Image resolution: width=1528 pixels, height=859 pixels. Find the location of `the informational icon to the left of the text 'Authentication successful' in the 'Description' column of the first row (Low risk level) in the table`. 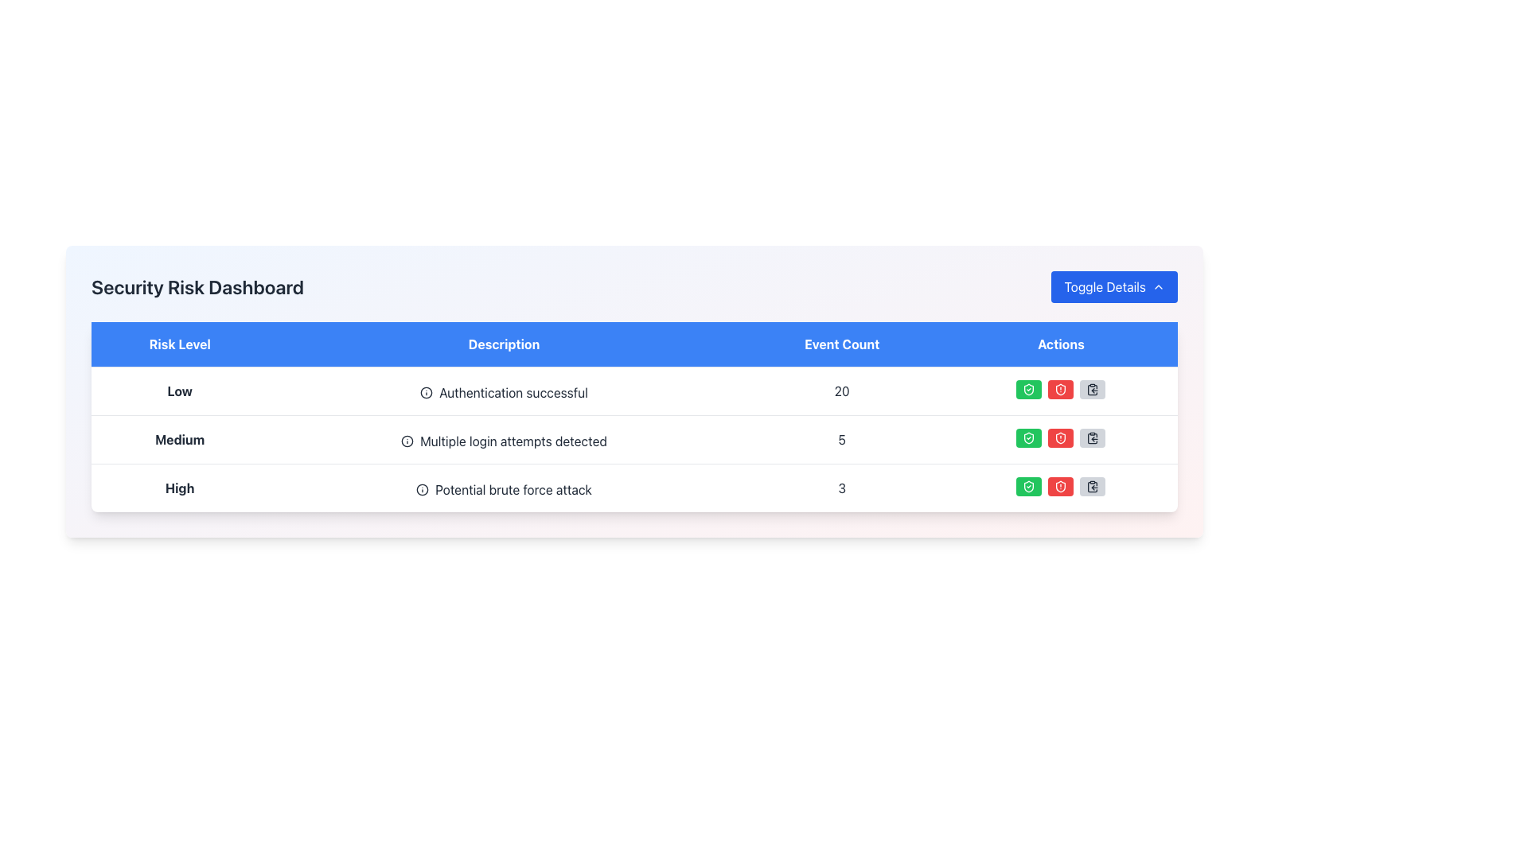

the informational icon to the left of the text 'Authentication successful' in the 'Description' column of the first row (Low risk level) in the table is located at coordinates (427, 392).